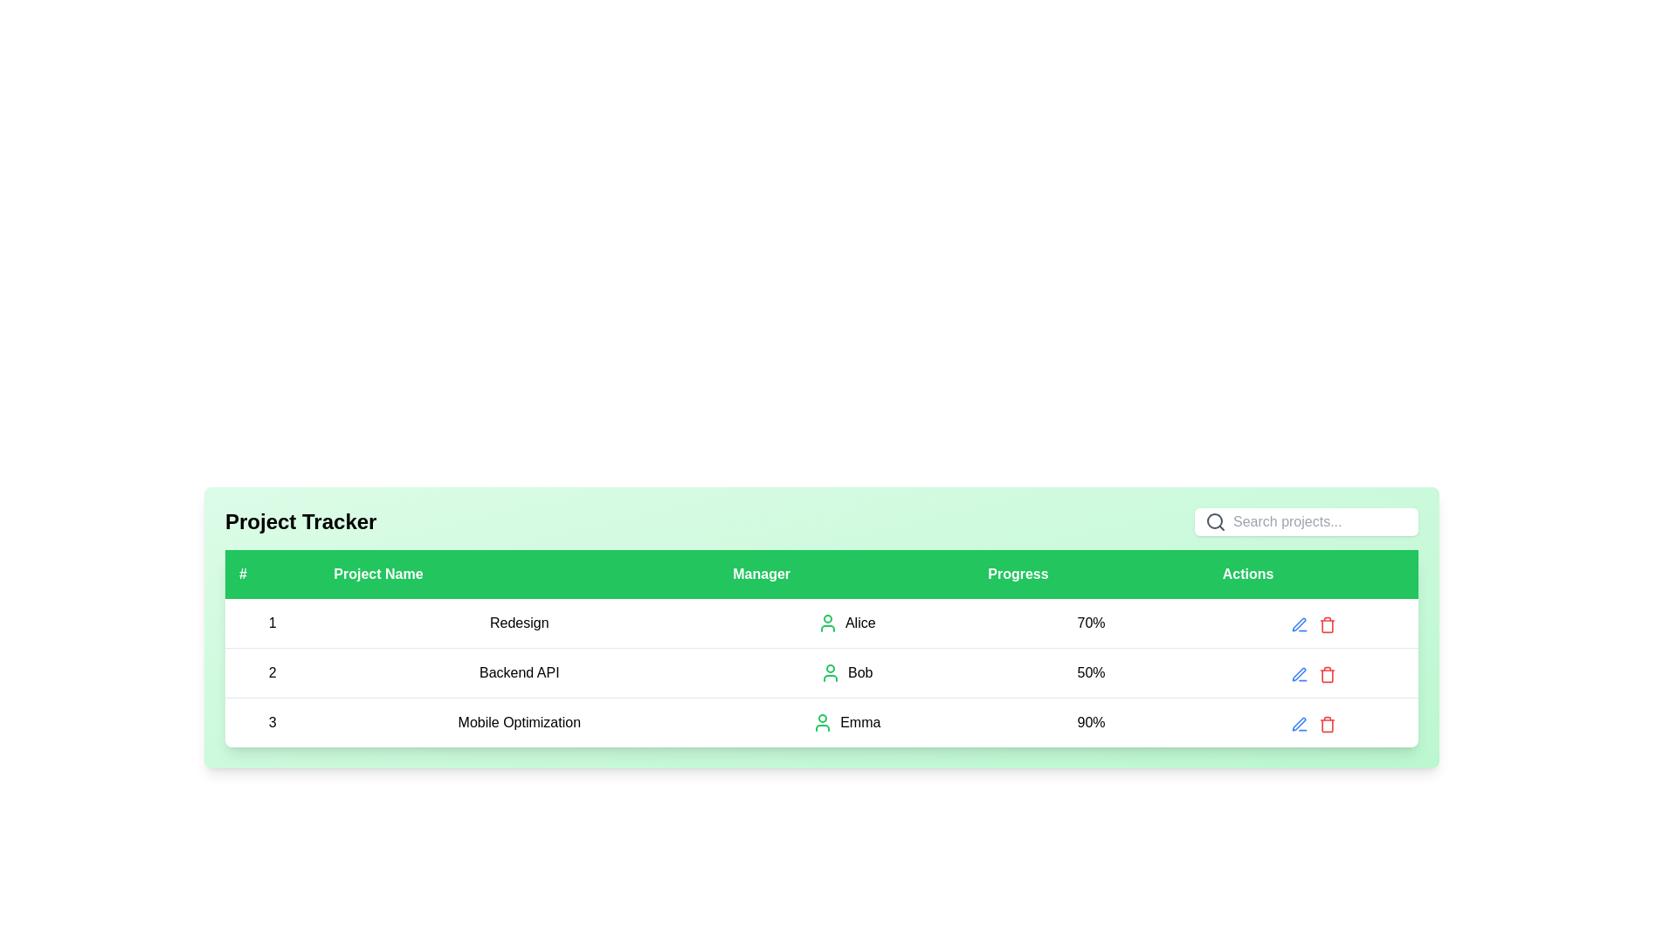 This screenshot has width=1677, height=943. I want to click on the delete button located at the rightmost position of the row for the third project, so click(1327, 624).